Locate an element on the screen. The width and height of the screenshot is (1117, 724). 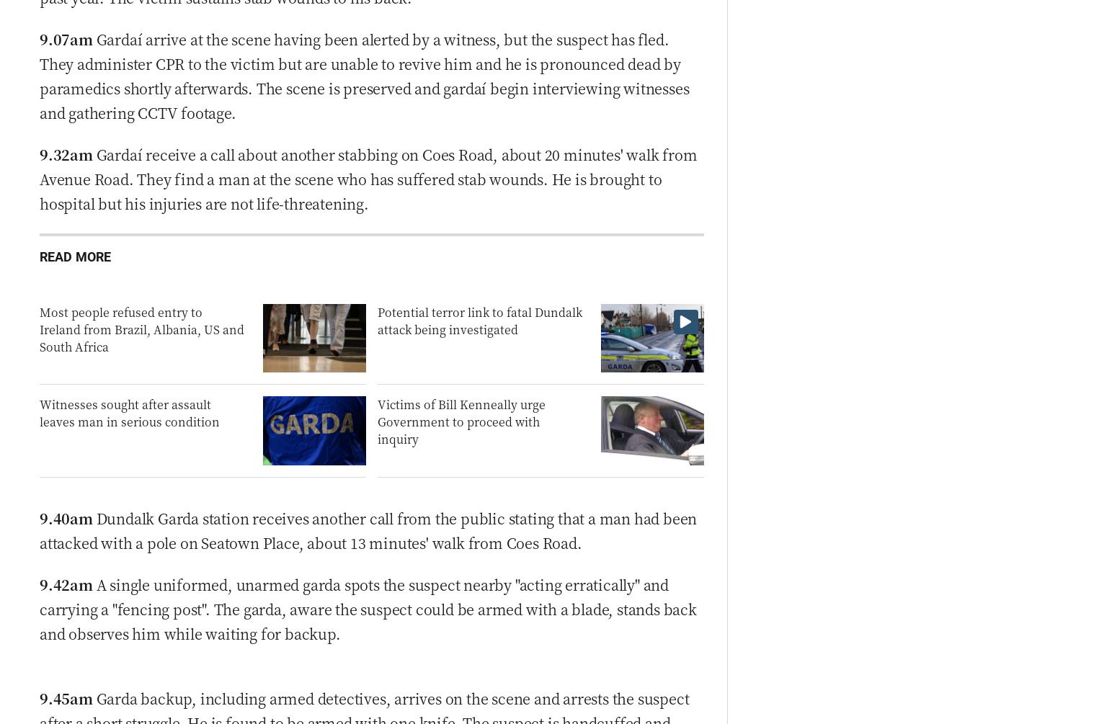
'Gardaí receive a call about another stabbing on Coes Road, about 20 minutes' walk from Avenue Road. They find a man at the scene who has suffered stab wounds. He is brought to hospital but his injuries are not life-threatening.' is located at coordinates (39, 178).